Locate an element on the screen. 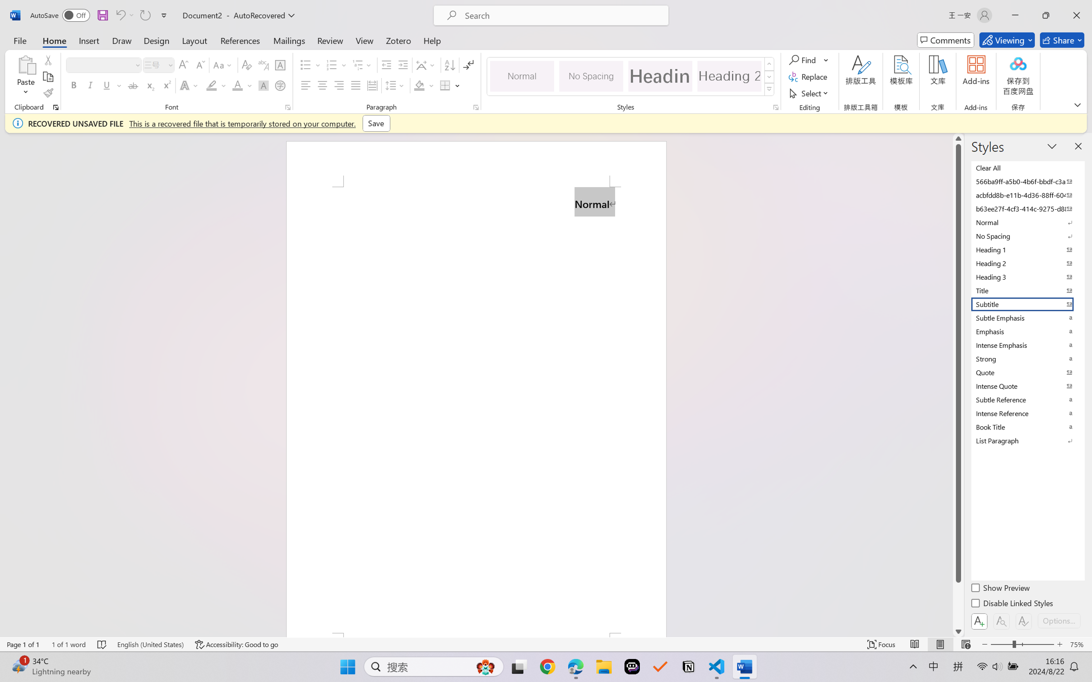 The image size is (1092, 682). 'Can' is located at coordinates (120, 15).